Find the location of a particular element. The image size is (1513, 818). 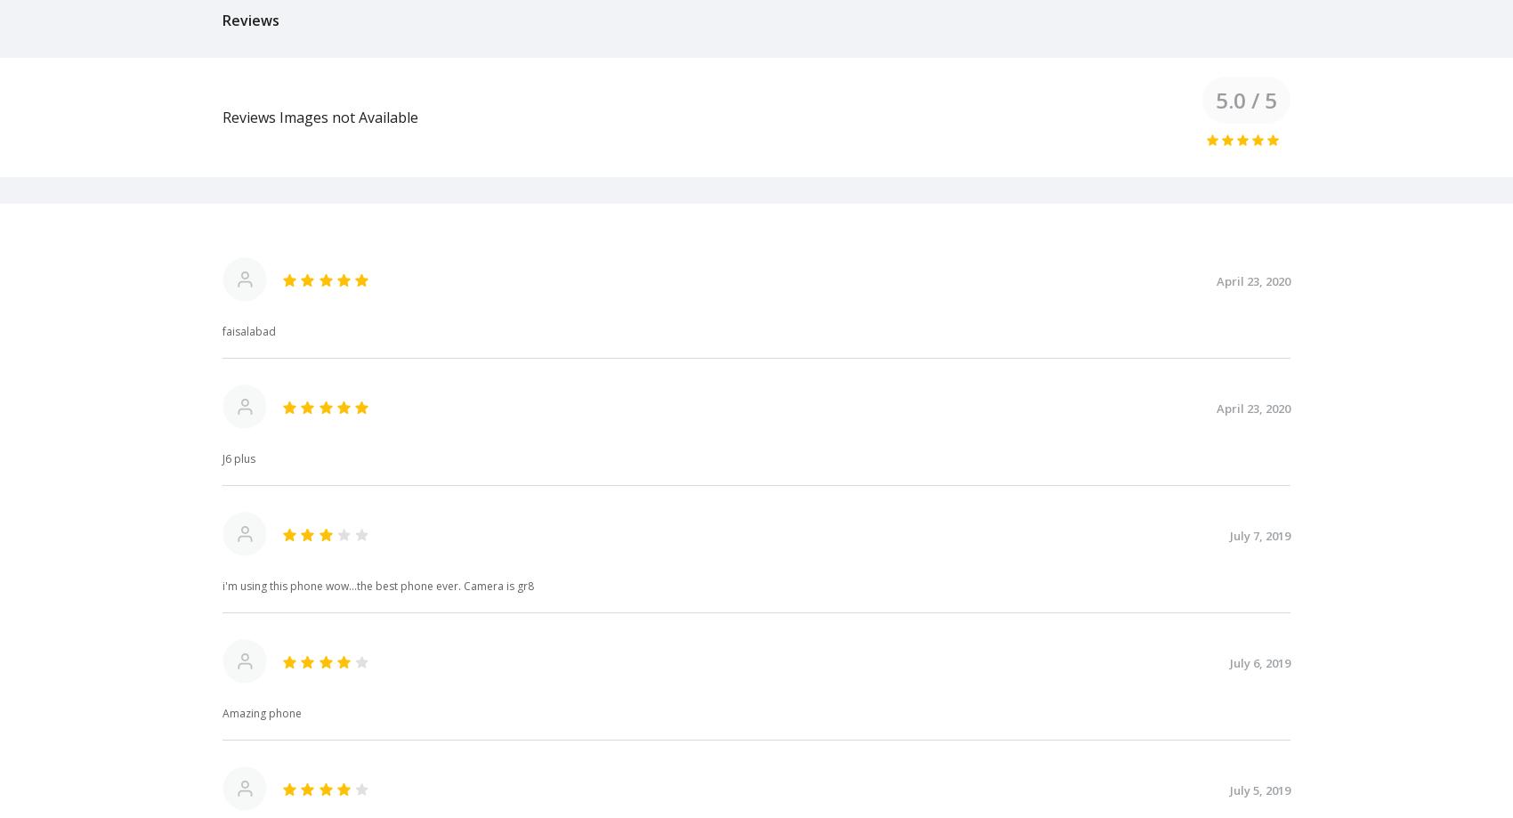

'J6 plus' is located at coordinates (239, 457).